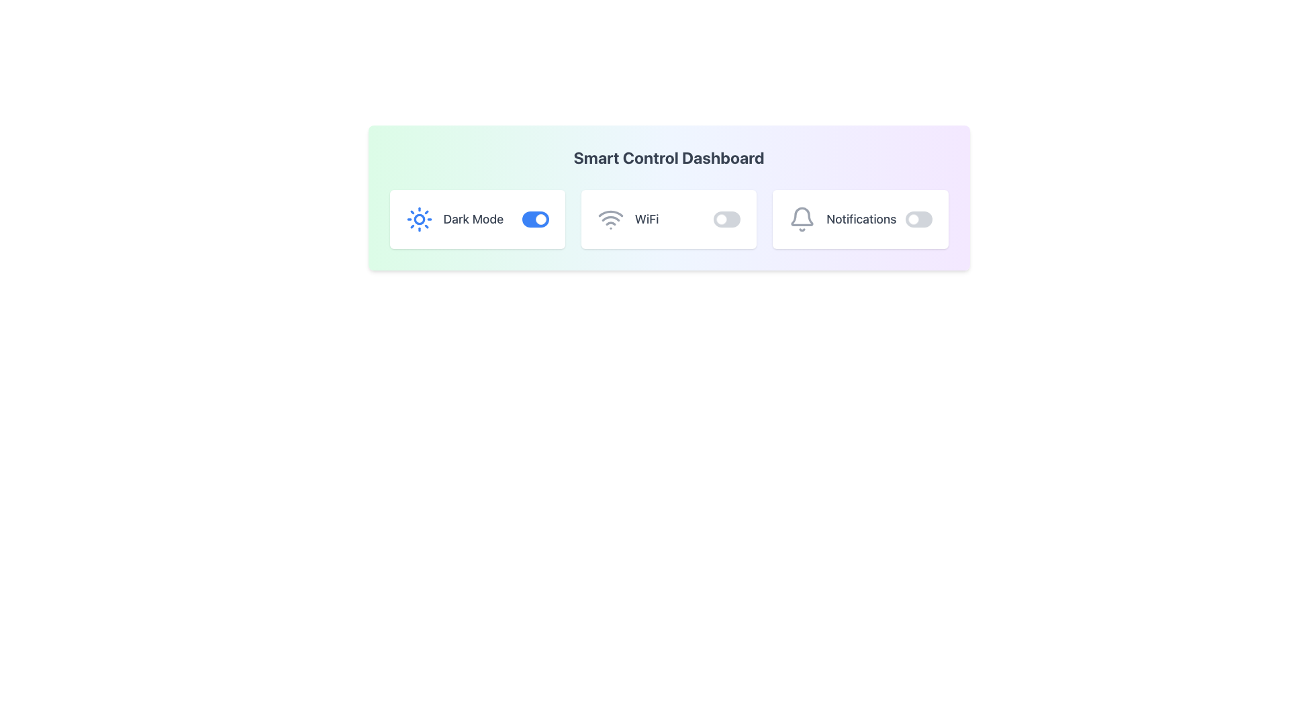 The image size is (1289, 725). What do you see at coordinates (842, 219) in the screenshot?
I see `the notifications label located in the top-right section of the dashboard card to view its details` at bounding box center [842, 219].